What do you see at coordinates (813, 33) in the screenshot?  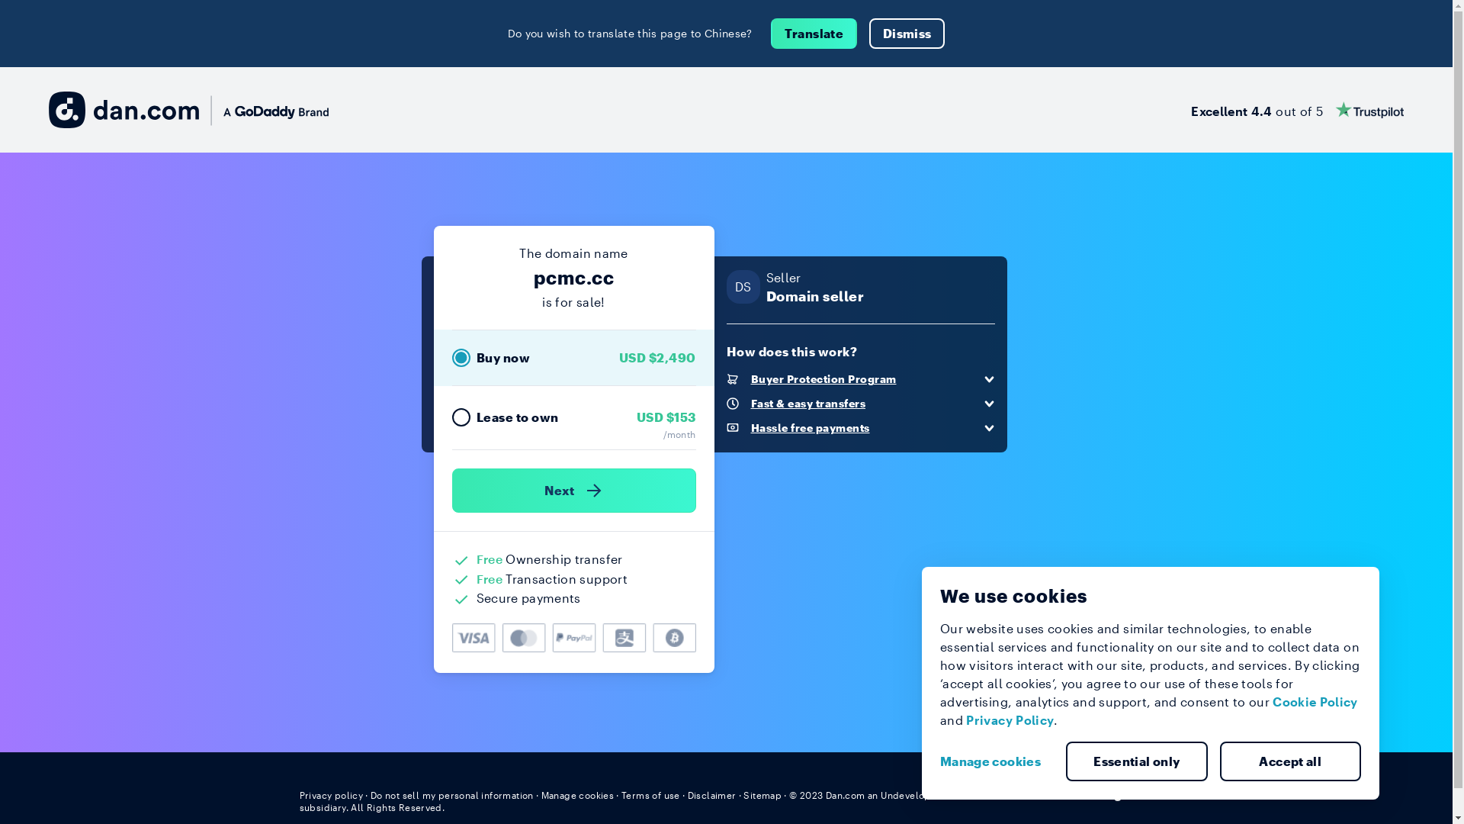 I see `'Translate'` at bounding box center [813, 33].